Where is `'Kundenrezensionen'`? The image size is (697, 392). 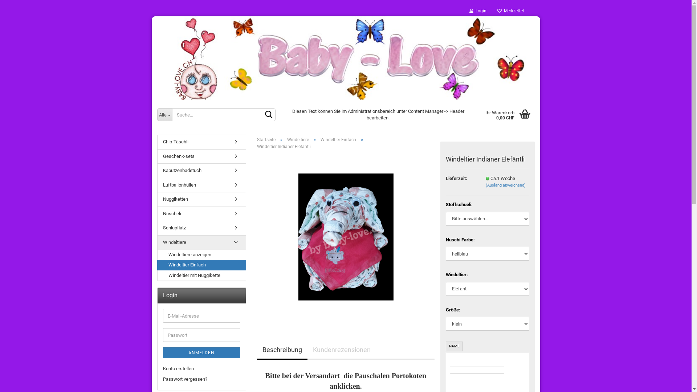
'Kundenrezensionen' is located at coordinates (341, 350).